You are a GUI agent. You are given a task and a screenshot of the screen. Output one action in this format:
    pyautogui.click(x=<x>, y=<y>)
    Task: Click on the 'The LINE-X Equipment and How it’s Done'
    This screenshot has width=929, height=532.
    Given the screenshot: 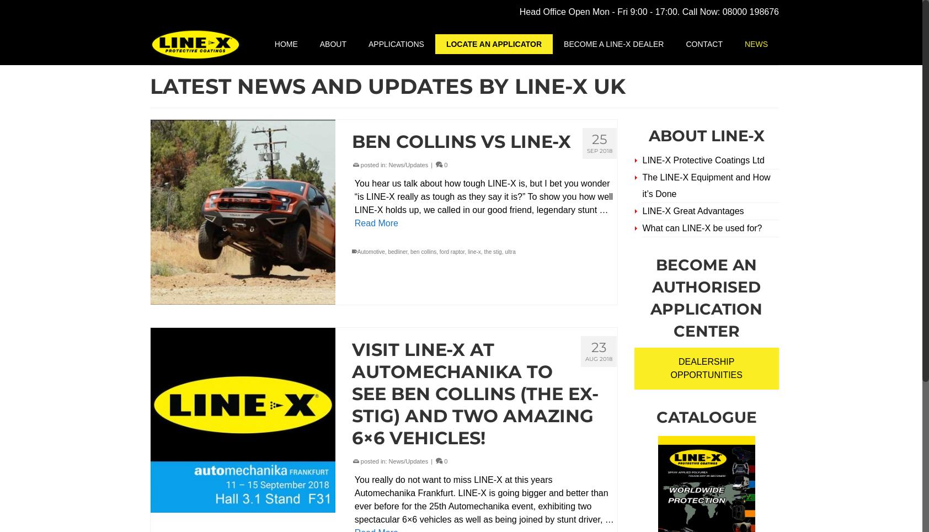 What is the action you would take?
    pyautogui.click(x=706, y=185)
    